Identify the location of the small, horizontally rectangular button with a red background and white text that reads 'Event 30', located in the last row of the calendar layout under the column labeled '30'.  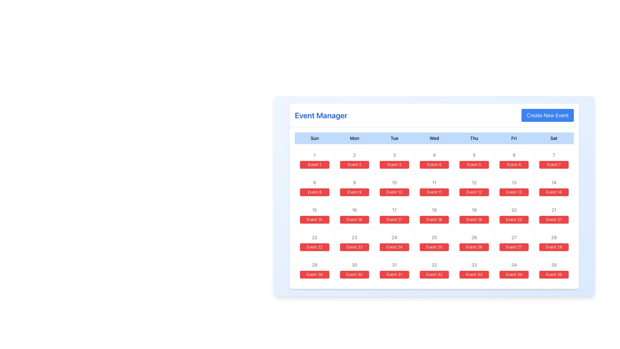
(354, 274).